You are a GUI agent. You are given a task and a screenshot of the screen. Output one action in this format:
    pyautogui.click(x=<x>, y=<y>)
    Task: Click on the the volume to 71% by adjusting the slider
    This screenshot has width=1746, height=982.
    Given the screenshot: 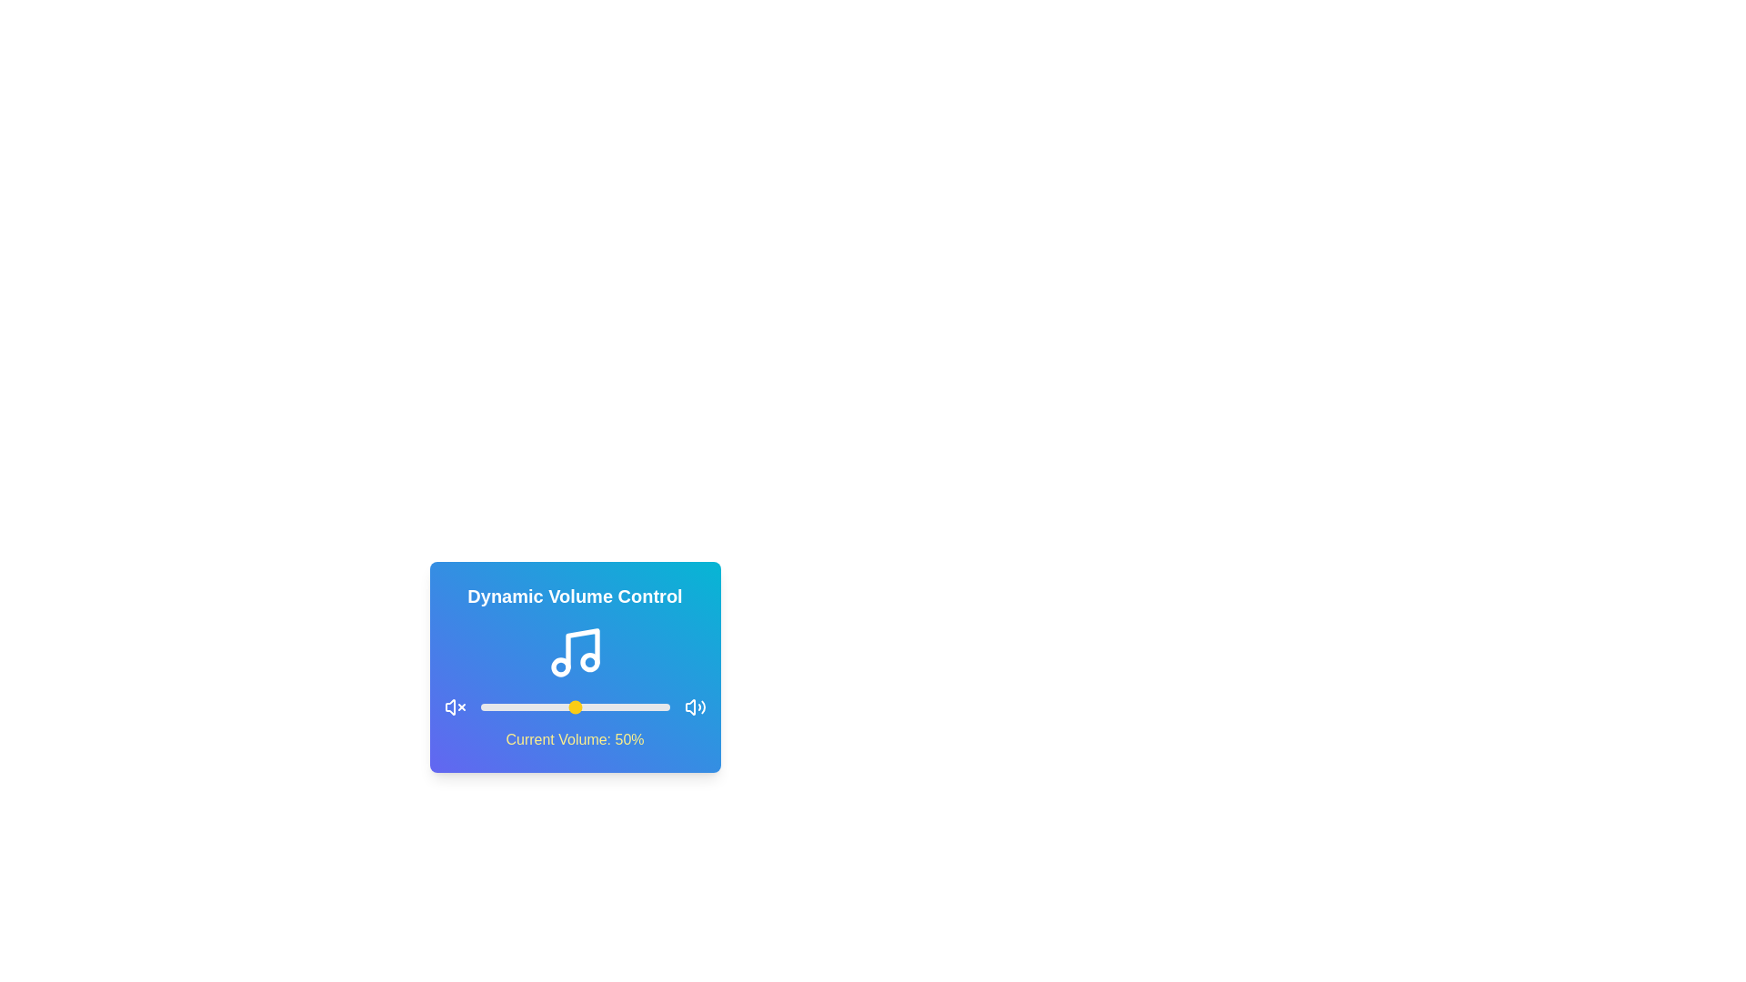 What is the action you would take?
    pyautogui.click(x=615, y=706)
    